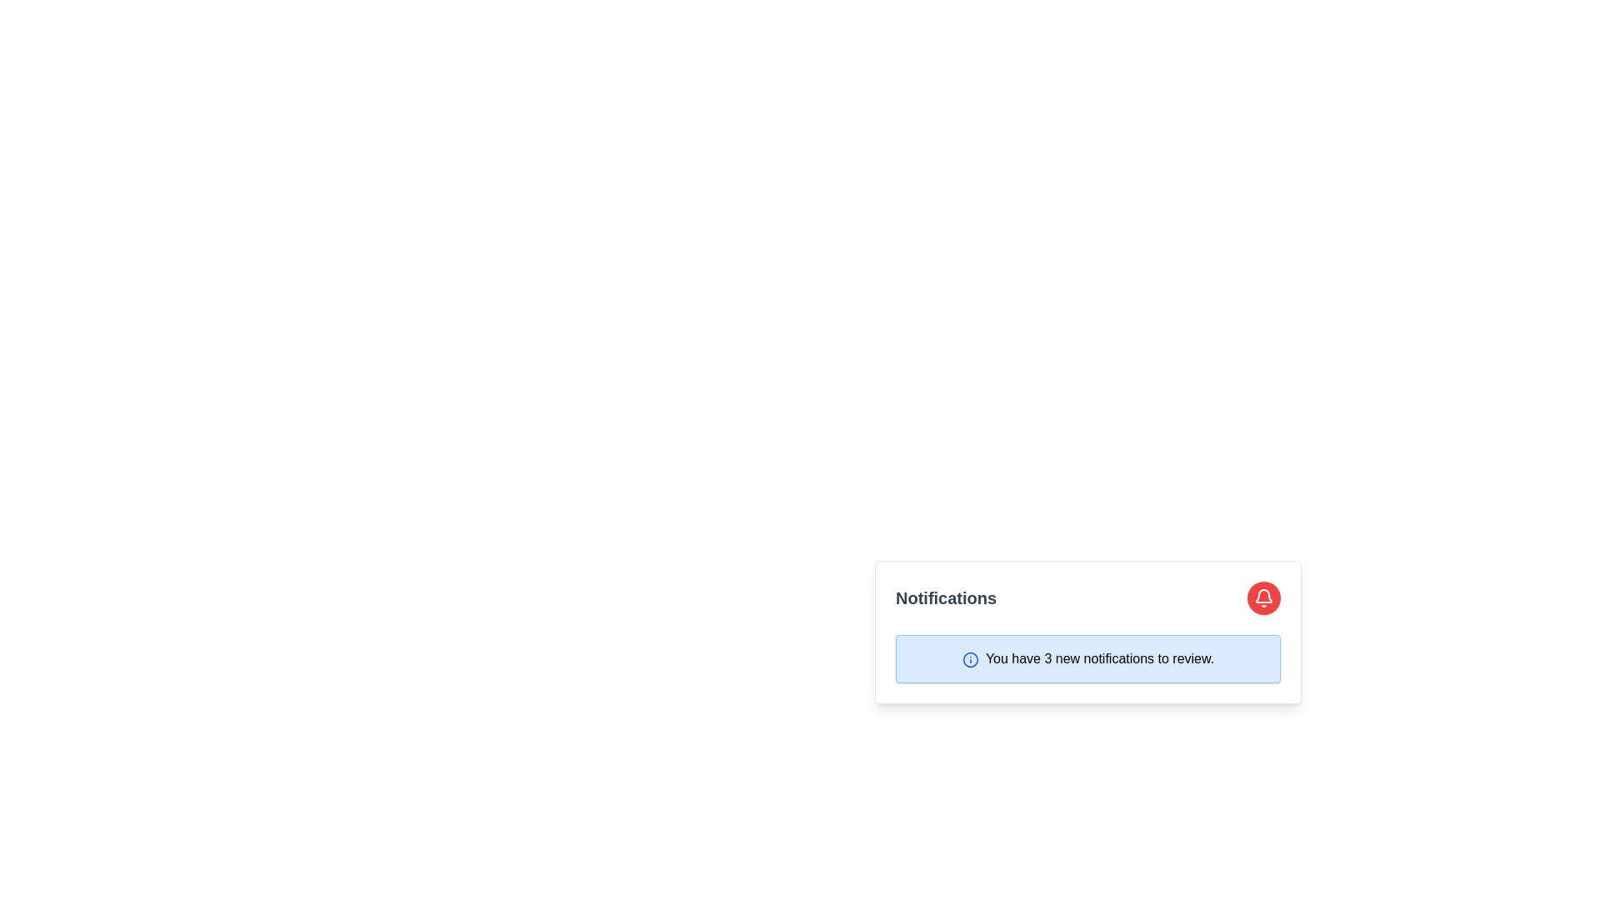 The width and height of the screenshot is (1600, 900). Describe the element at coordinates (1263, 597) in the screenshot. I see `the bell-shaped notification icon located in the top-right corner within a red circular background` at that location.